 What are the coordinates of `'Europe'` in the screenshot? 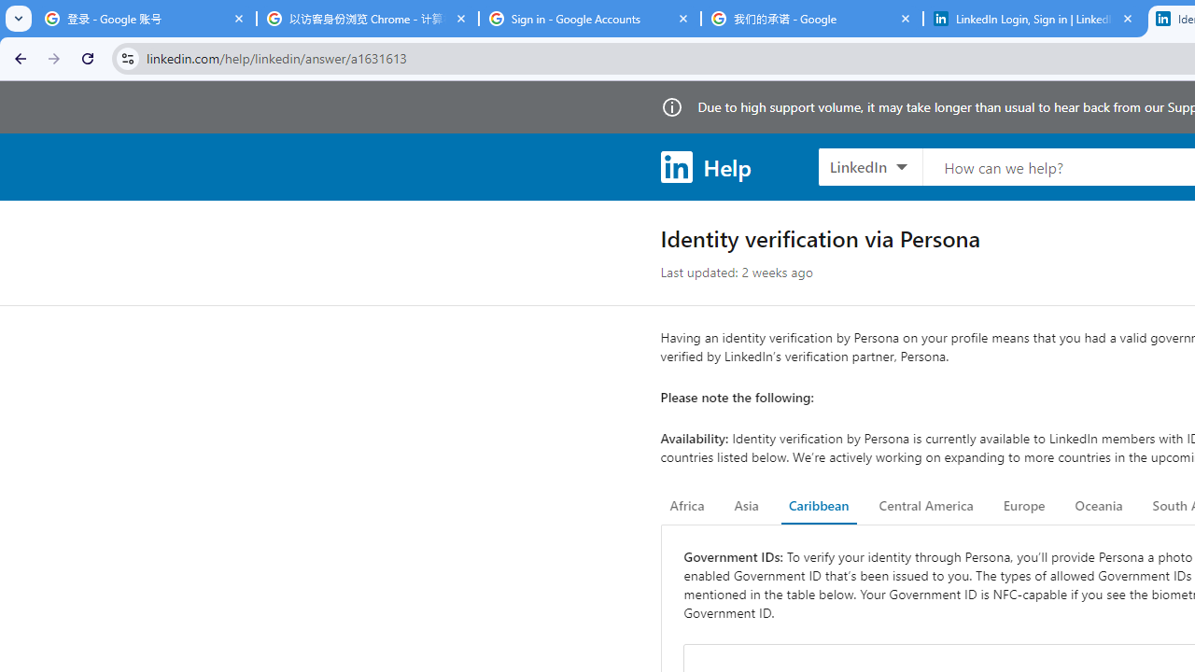 It's located at (1022, 506).